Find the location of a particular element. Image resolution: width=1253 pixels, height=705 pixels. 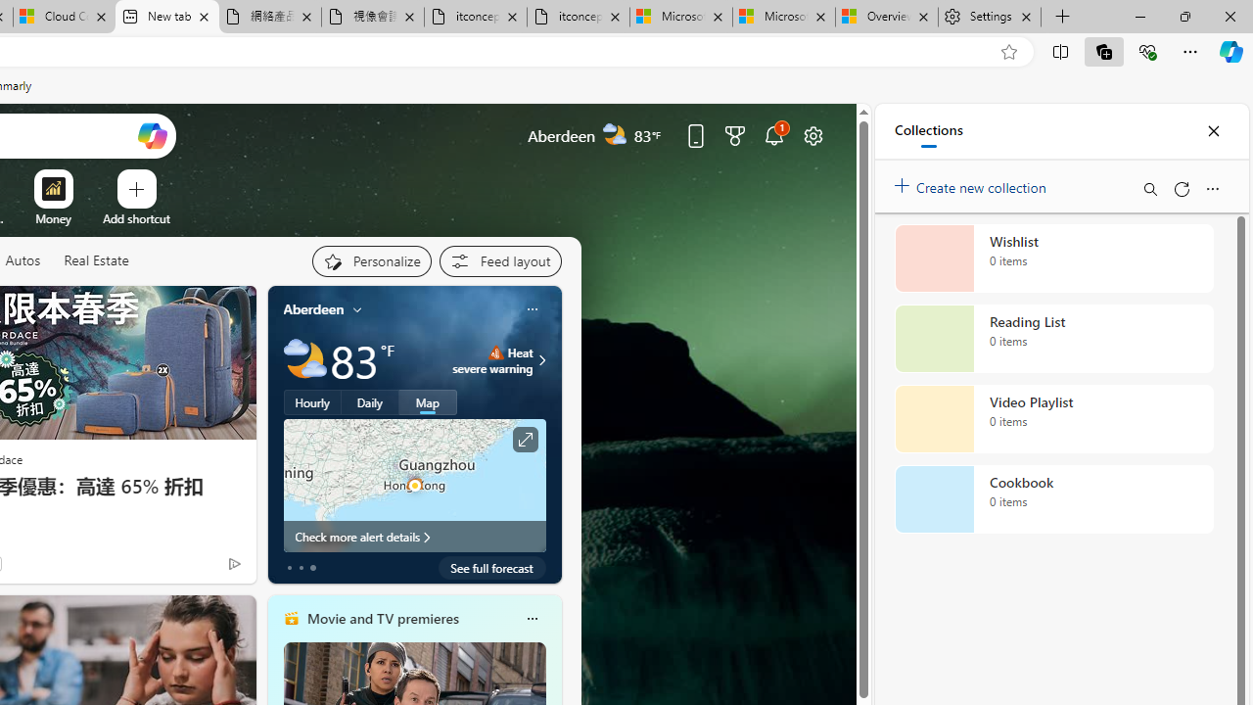

'See full forecast' is located at coordinates (491, 567).